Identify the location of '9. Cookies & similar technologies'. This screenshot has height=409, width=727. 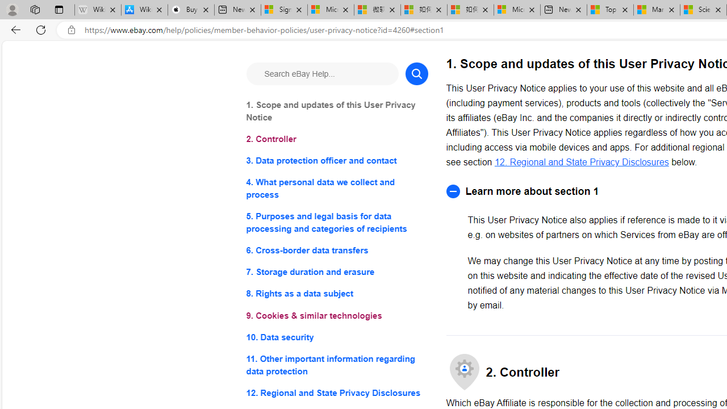
(336, 315).